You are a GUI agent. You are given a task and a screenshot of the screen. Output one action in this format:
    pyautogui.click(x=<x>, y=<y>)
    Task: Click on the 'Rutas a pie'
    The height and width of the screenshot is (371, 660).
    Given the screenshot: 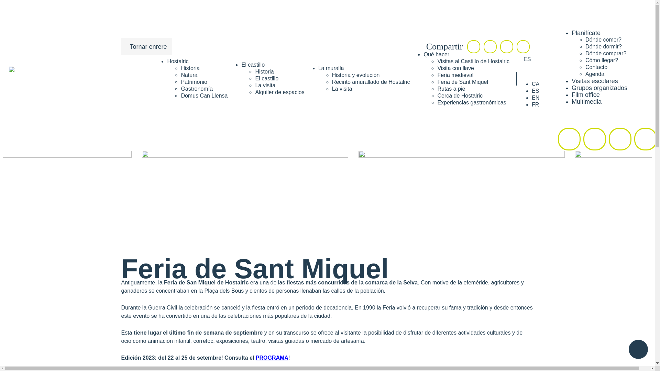 What is the action you would take?
    pyautogui.click(x=451, y=88)
    